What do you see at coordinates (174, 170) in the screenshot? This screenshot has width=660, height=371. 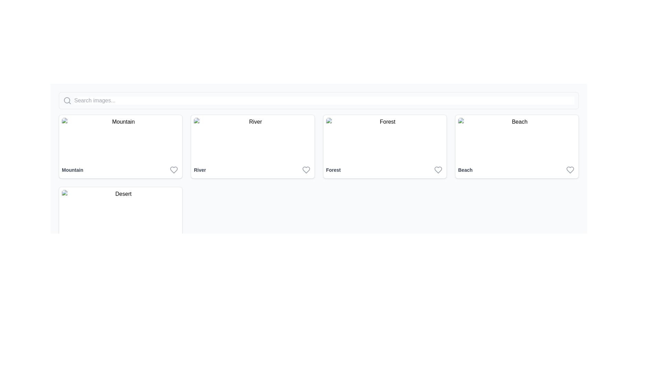 I see `the favorite button located at the bottom-right of the 'Mountain' card` at bounding box center [174, 170].